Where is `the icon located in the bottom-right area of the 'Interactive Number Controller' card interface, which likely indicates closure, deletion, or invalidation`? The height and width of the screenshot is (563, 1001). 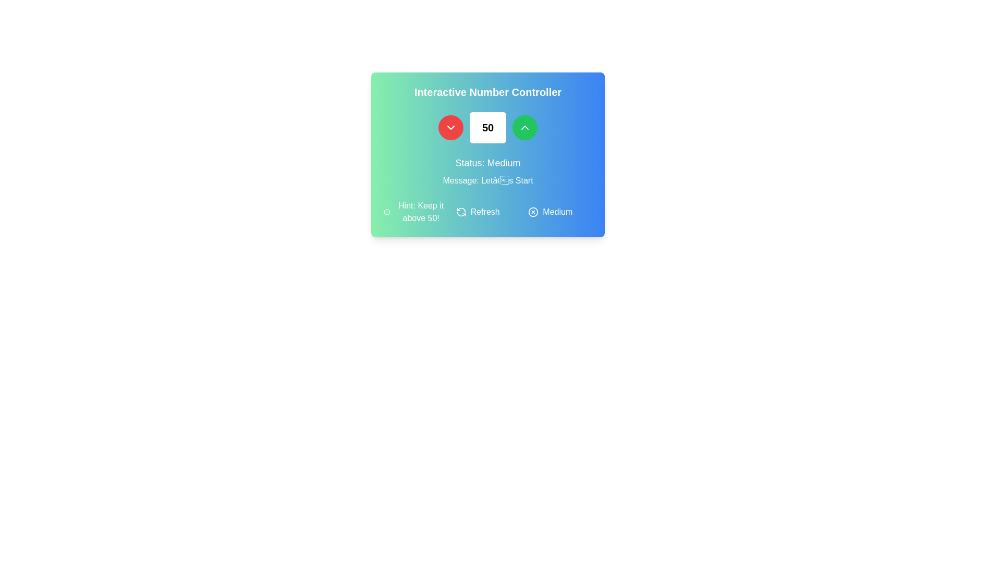 the icon located in the bottom-right area of the 'Interactive Number Controller' card interface, which likely indicates closure, deletion, or invalidation is located at coordinates (533, 212).